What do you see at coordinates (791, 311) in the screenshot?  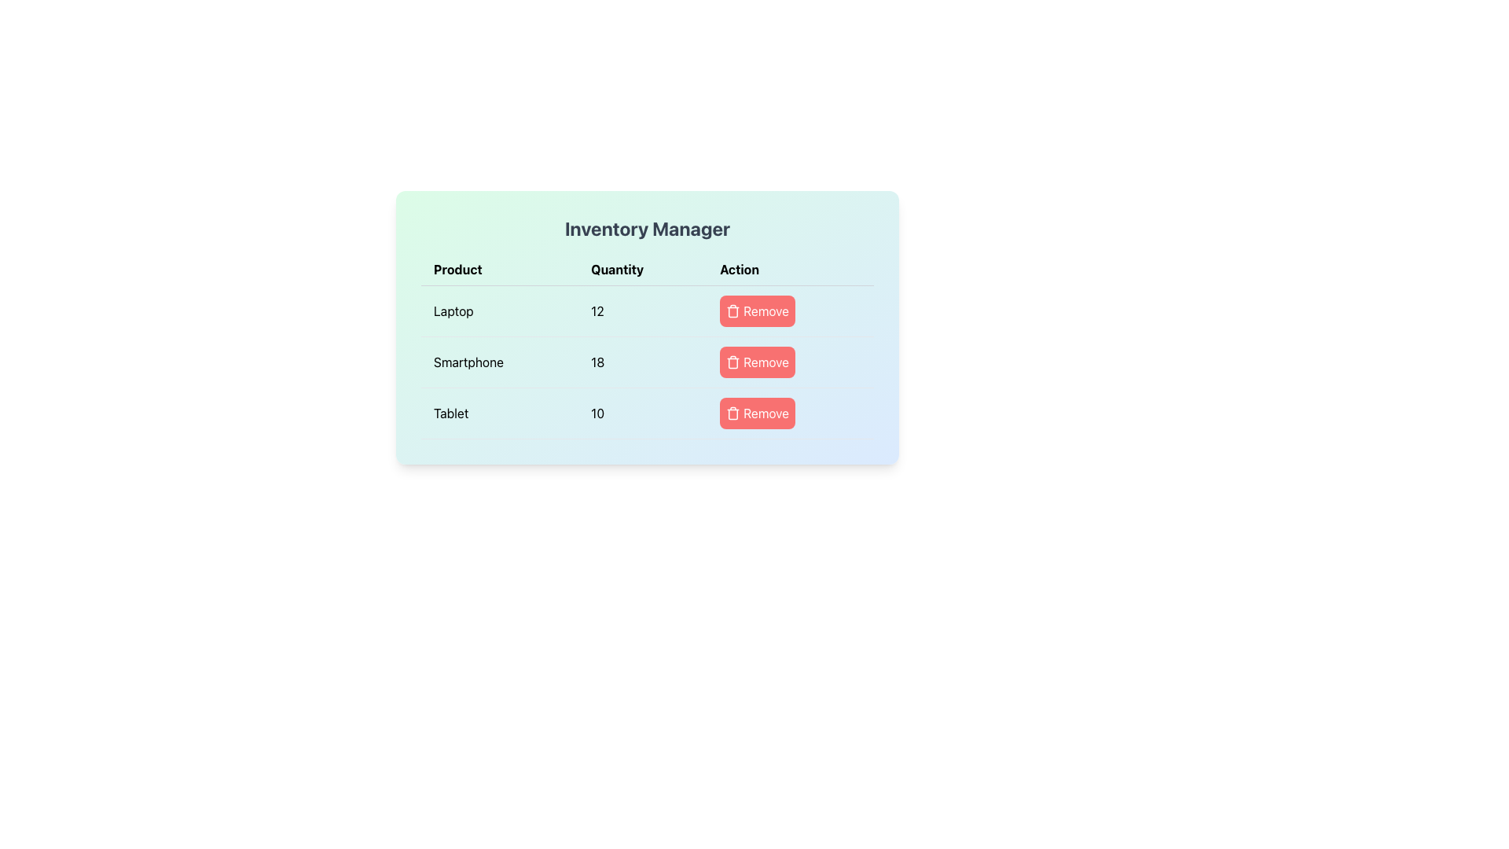 I see `the 'Remove' button with a red background and white text, located in the 'Action' column of the first row under the 'Inventory Manager' header` at bounding box center [791, 311].